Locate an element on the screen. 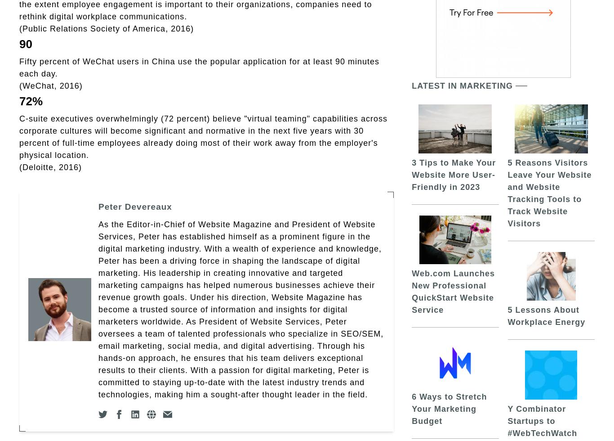 This screenshot has width=614, height=441. '3 Tips to Make Your Website More User-Friendly in 2023' is located at coordinates (412, 174).